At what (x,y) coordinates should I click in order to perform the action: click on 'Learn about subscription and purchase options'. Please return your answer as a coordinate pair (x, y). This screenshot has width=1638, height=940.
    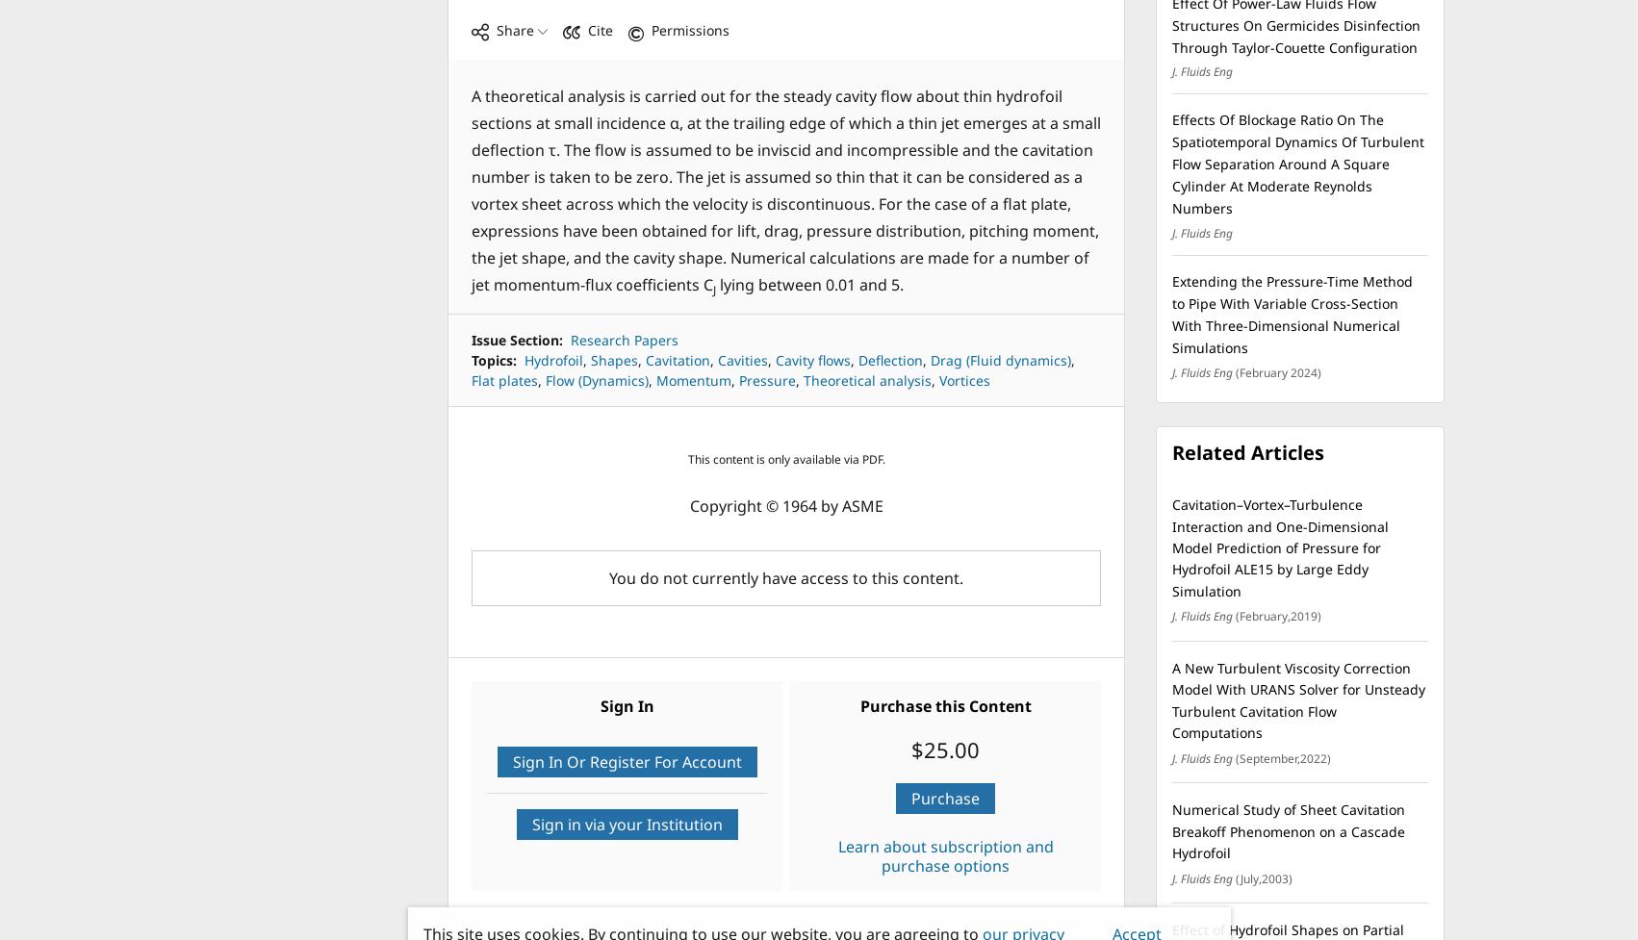
    Looking at the image, I should click on (945, 855).